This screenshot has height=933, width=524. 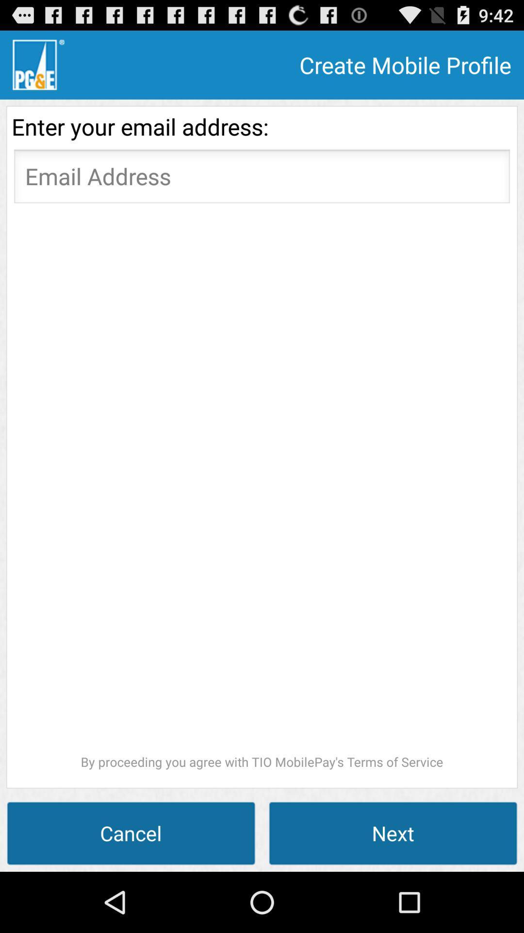 I want to click on icon to the right of cancel item, so click(x=393, y=832).